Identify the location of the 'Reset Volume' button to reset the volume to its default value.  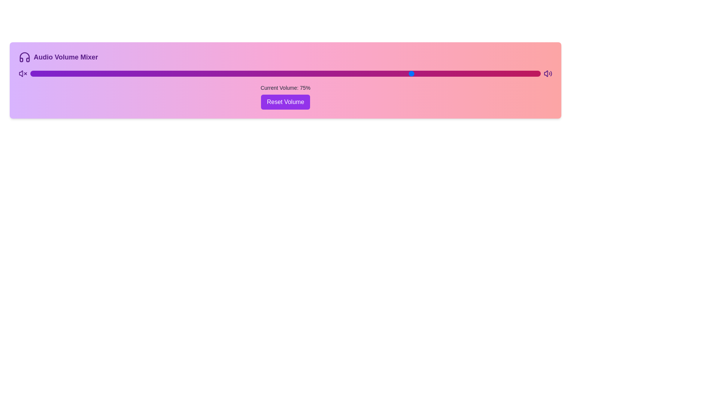
(285, 102).